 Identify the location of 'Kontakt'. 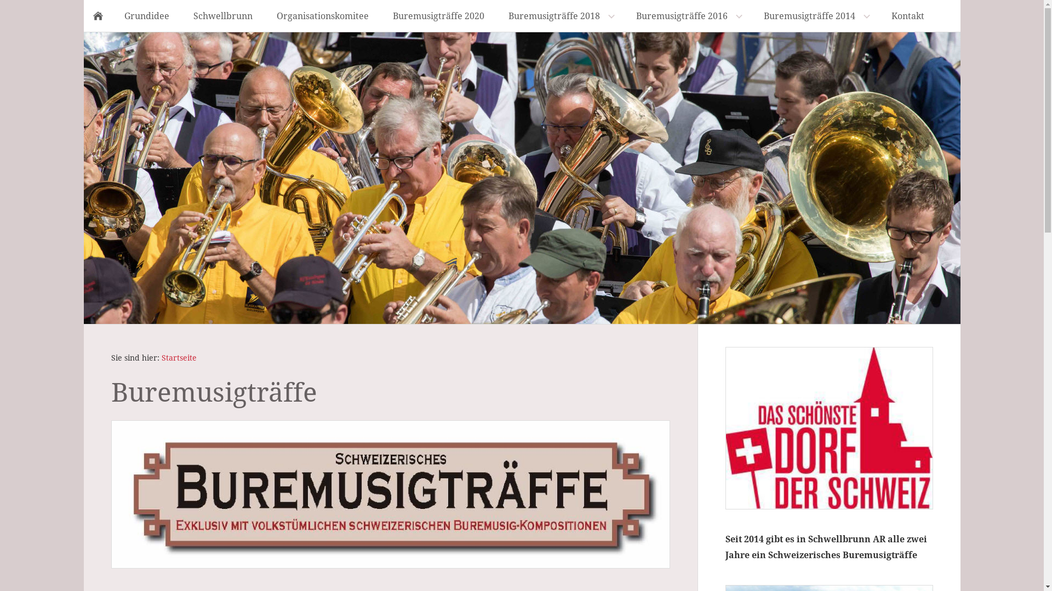
(907, 16).